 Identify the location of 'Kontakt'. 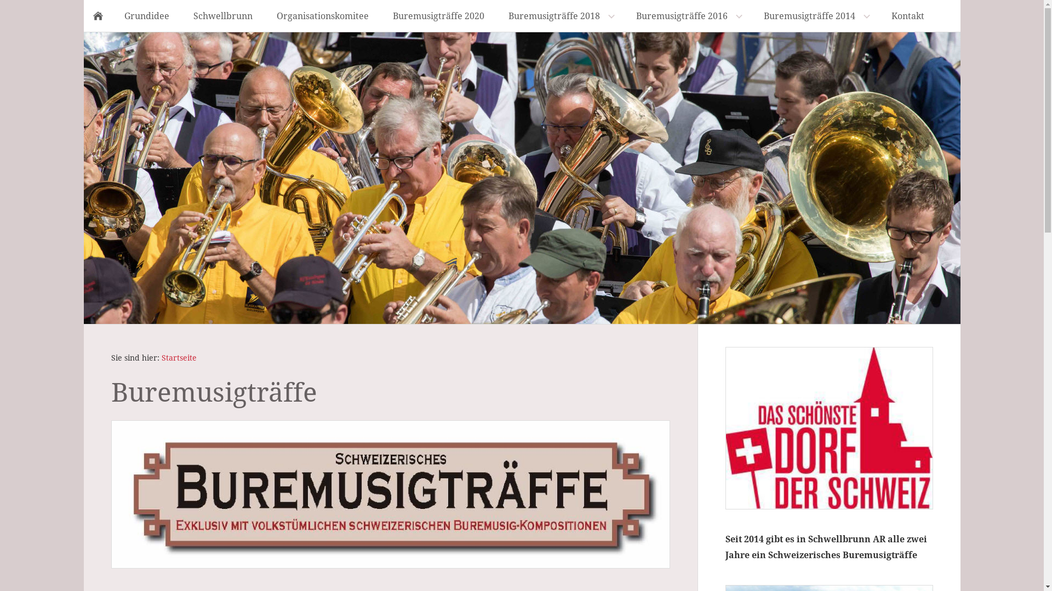
(907, 16).